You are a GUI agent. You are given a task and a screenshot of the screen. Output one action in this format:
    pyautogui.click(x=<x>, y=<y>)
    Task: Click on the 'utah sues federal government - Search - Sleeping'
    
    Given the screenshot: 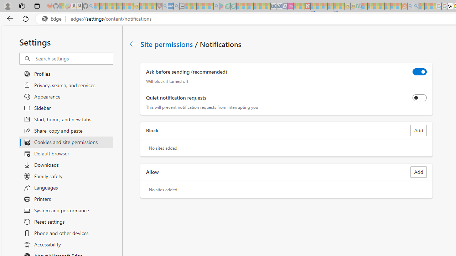 What is the action you would take?
    pyautogui.click(x=176, y=6)
    